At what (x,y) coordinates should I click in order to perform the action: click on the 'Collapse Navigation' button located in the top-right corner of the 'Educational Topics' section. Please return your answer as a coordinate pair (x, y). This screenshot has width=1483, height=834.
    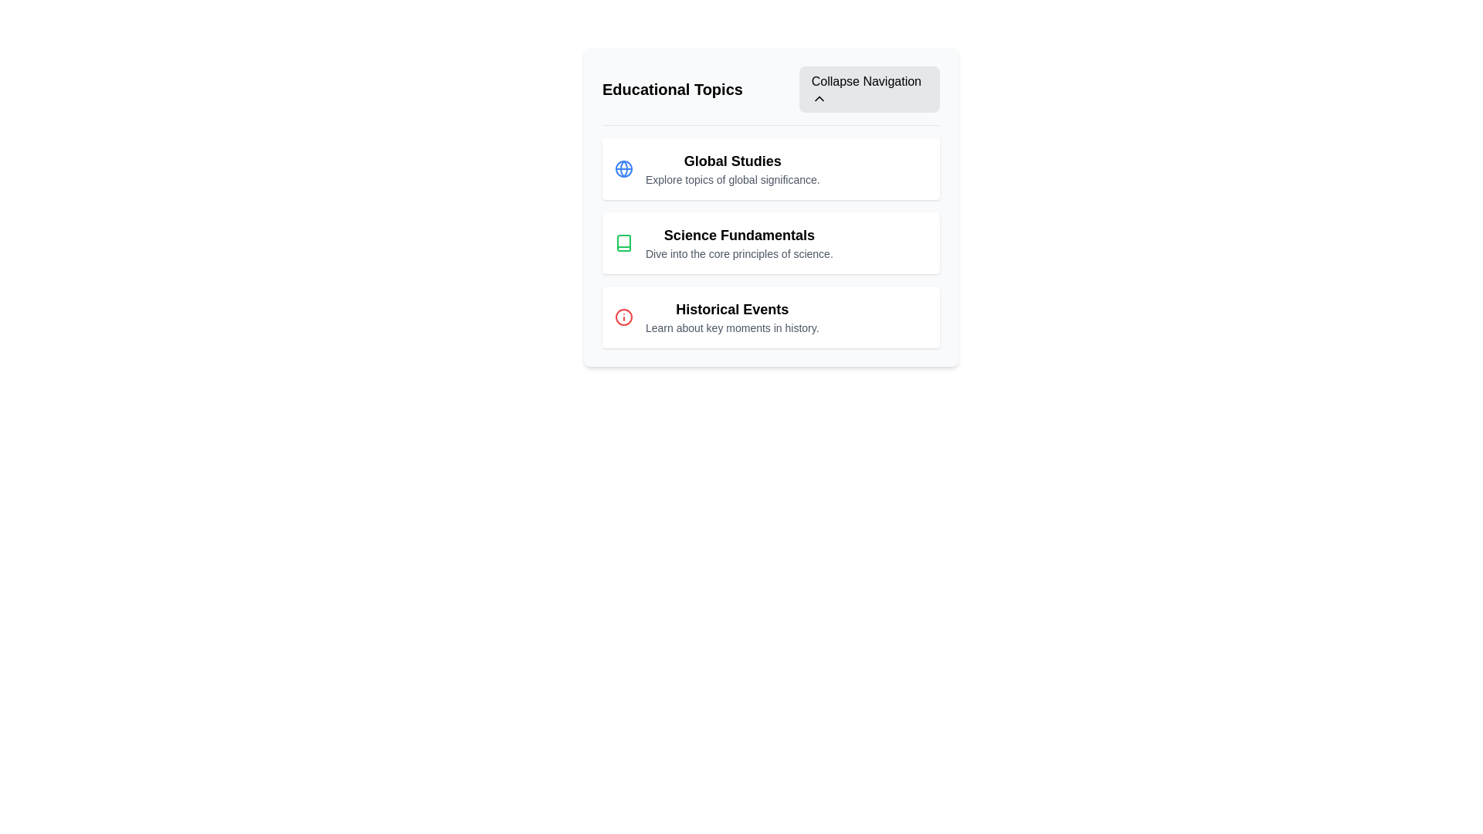
    Looking at the image, I should click on (869, 89).